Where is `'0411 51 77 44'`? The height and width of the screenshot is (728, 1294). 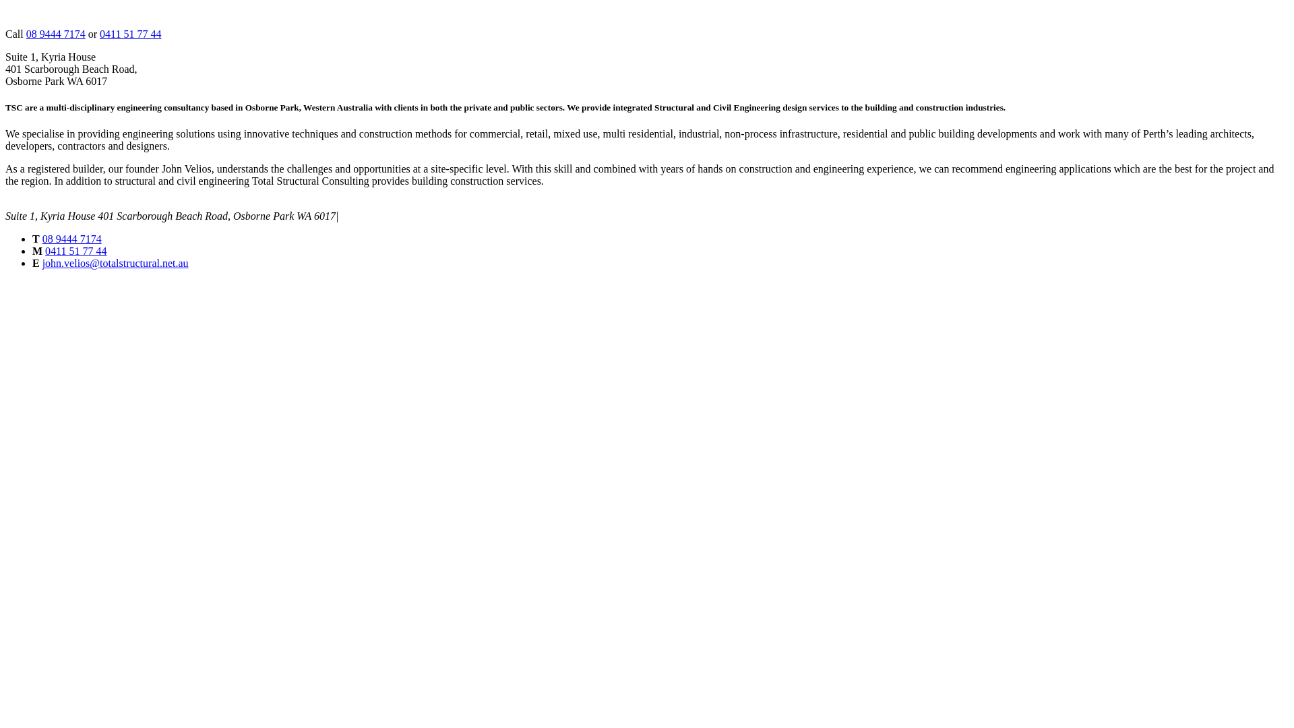 '0411 51 77 44' is located at coordinates (99, 33).